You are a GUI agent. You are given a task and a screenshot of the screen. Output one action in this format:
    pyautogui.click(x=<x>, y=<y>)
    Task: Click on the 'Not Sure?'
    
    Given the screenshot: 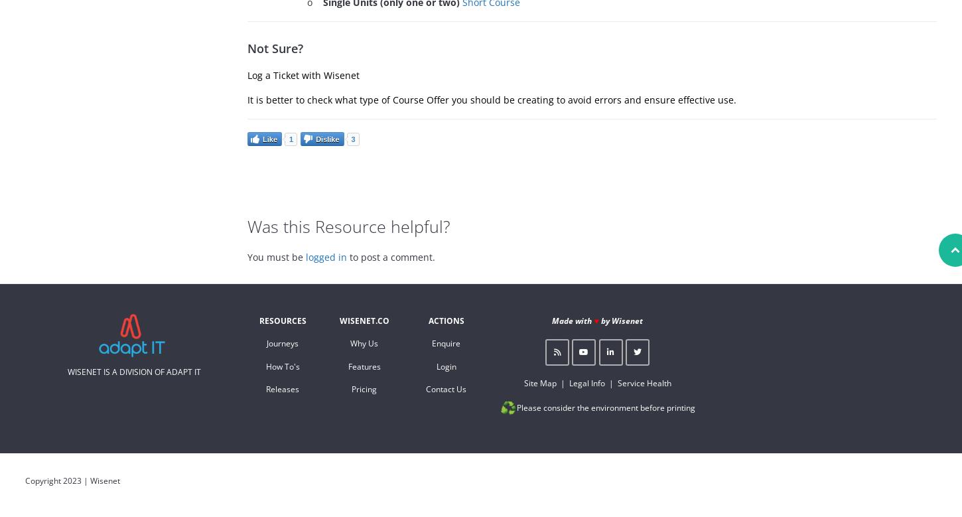 What is the action you would take?
    pyautogui.click(x=274, y=48)
    